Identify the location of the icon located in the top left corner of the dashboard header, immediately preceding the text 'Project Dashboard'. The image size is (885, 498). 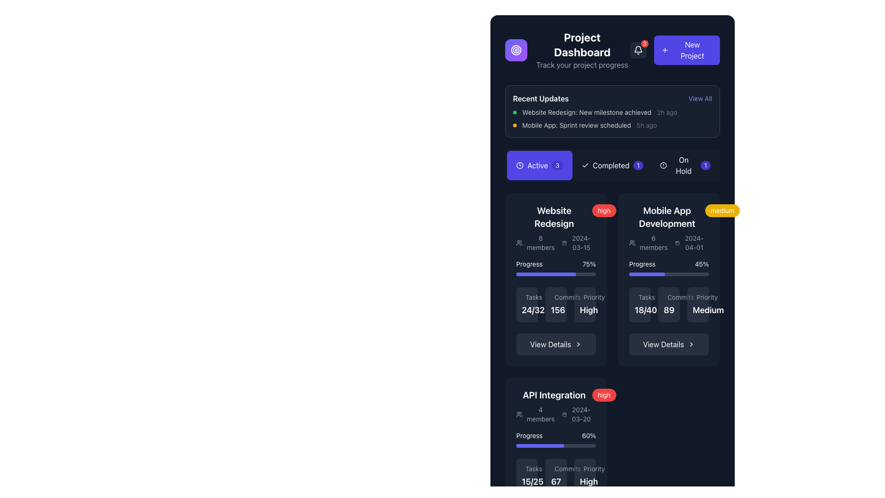
(515, 50).